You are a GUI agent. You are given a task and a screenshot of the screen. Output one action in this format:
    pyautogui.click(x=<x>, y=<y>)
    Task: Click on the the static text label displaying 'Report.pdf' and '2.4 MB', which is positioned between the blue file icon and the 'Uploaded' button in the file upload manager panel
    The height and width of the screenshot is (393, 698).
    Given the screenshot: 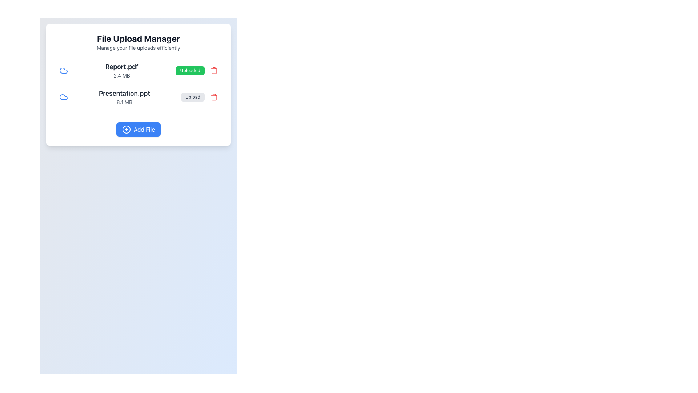 What is the action you would take?
    pyautogui.click(x=122, y=70)
    